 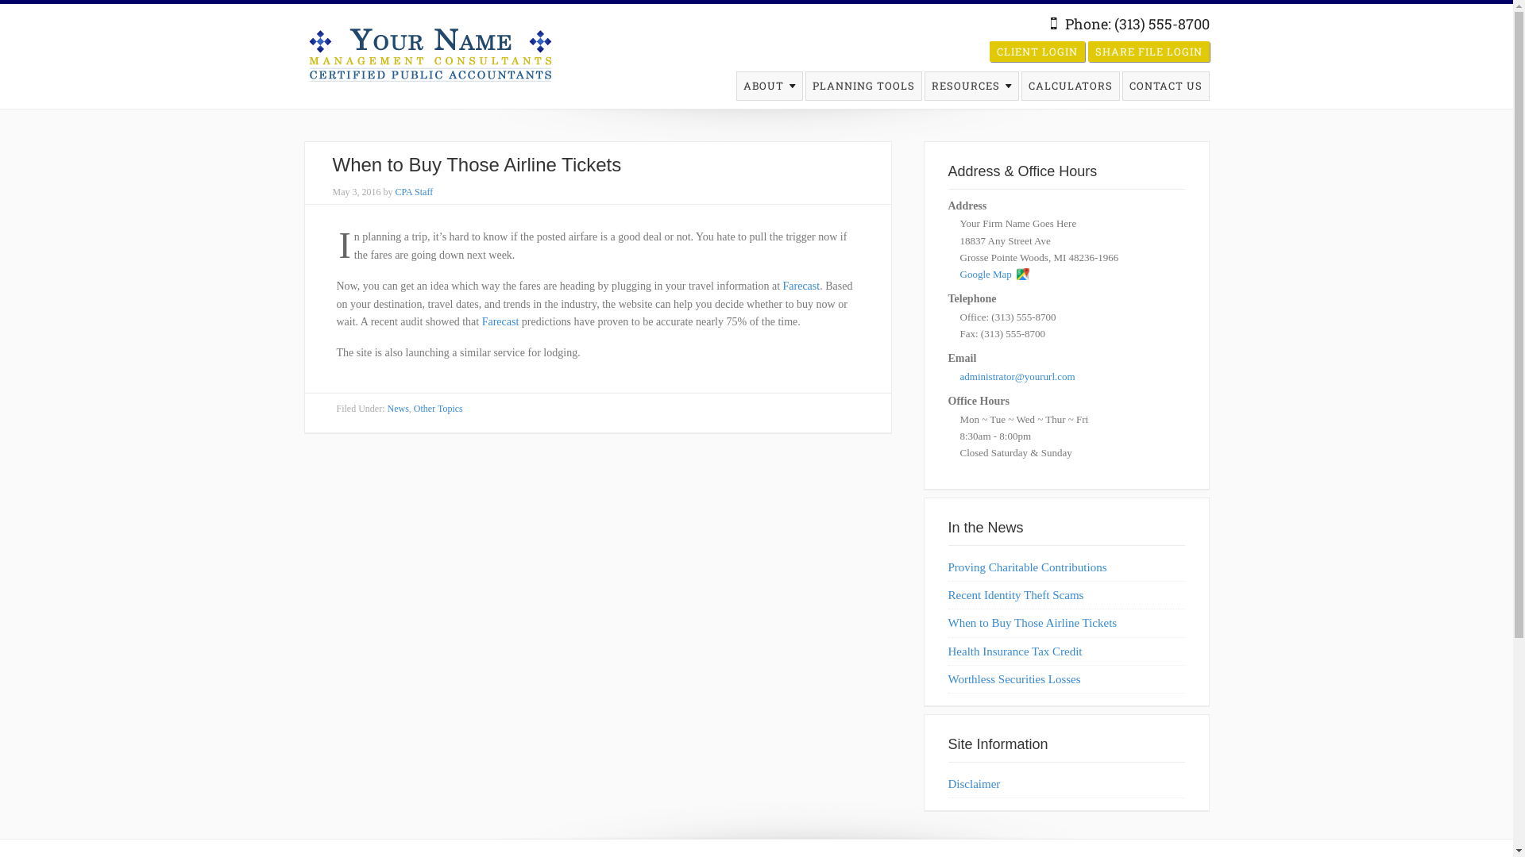 I want to click on 'Disclaimer', so click(x=948, y=782).